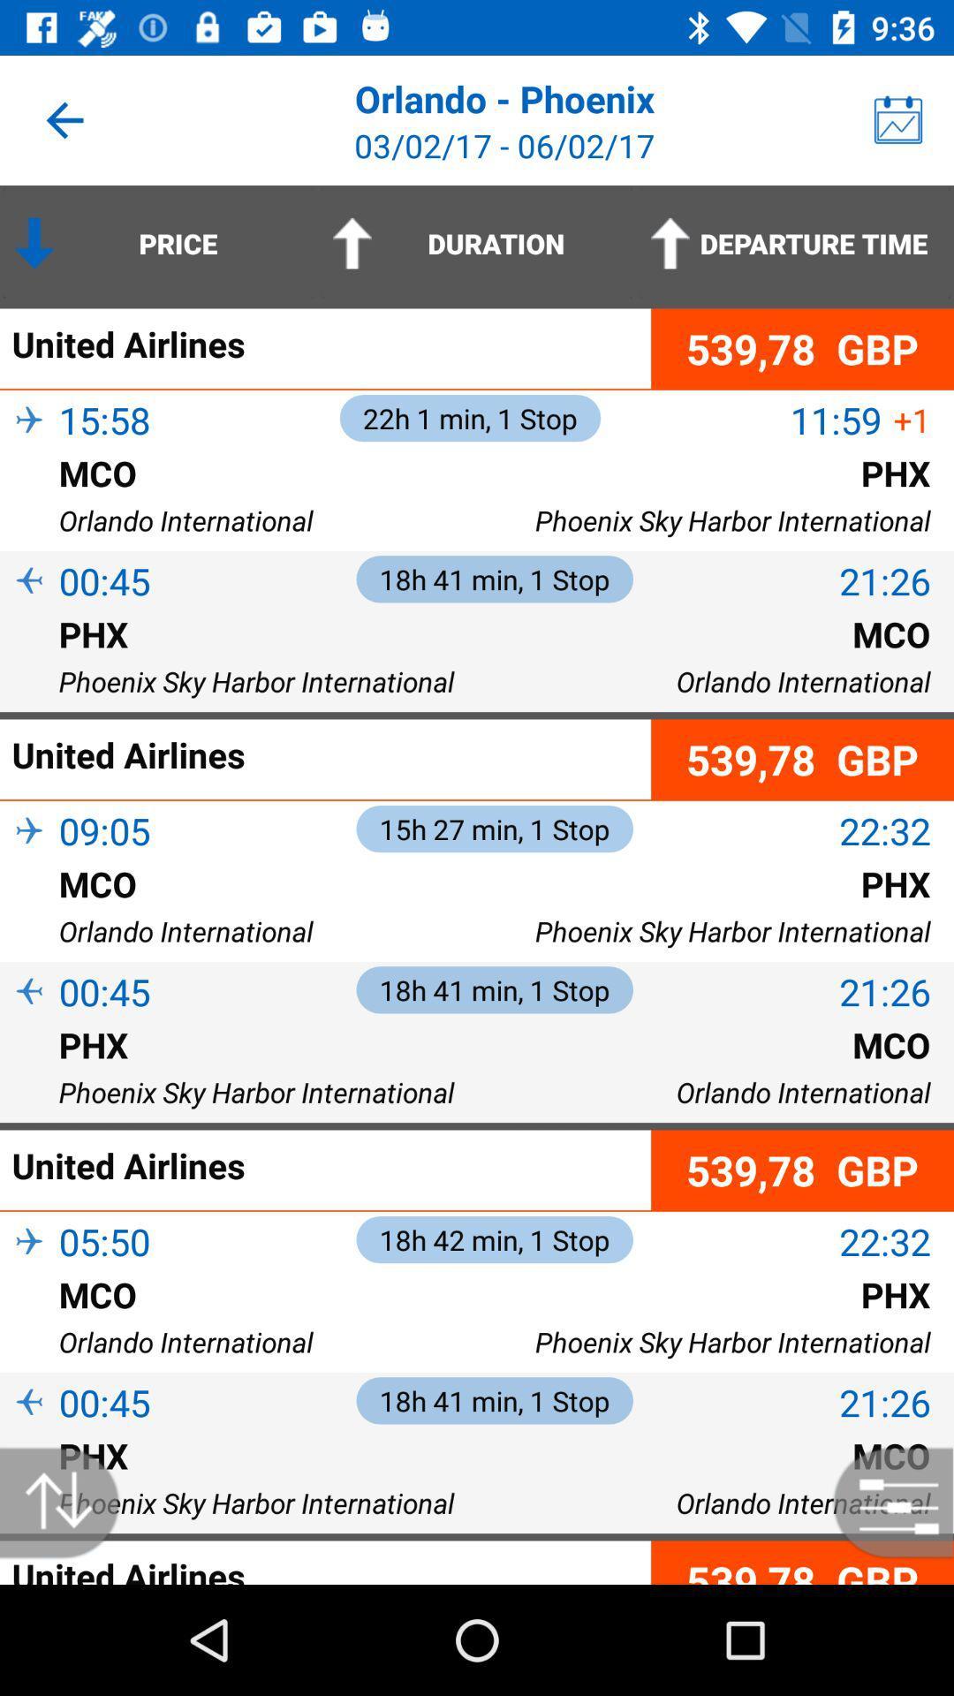 Image resolution: width=954 pixels, height=1696 pixels. I want to click on the icon above the price item, so click(64, 119).